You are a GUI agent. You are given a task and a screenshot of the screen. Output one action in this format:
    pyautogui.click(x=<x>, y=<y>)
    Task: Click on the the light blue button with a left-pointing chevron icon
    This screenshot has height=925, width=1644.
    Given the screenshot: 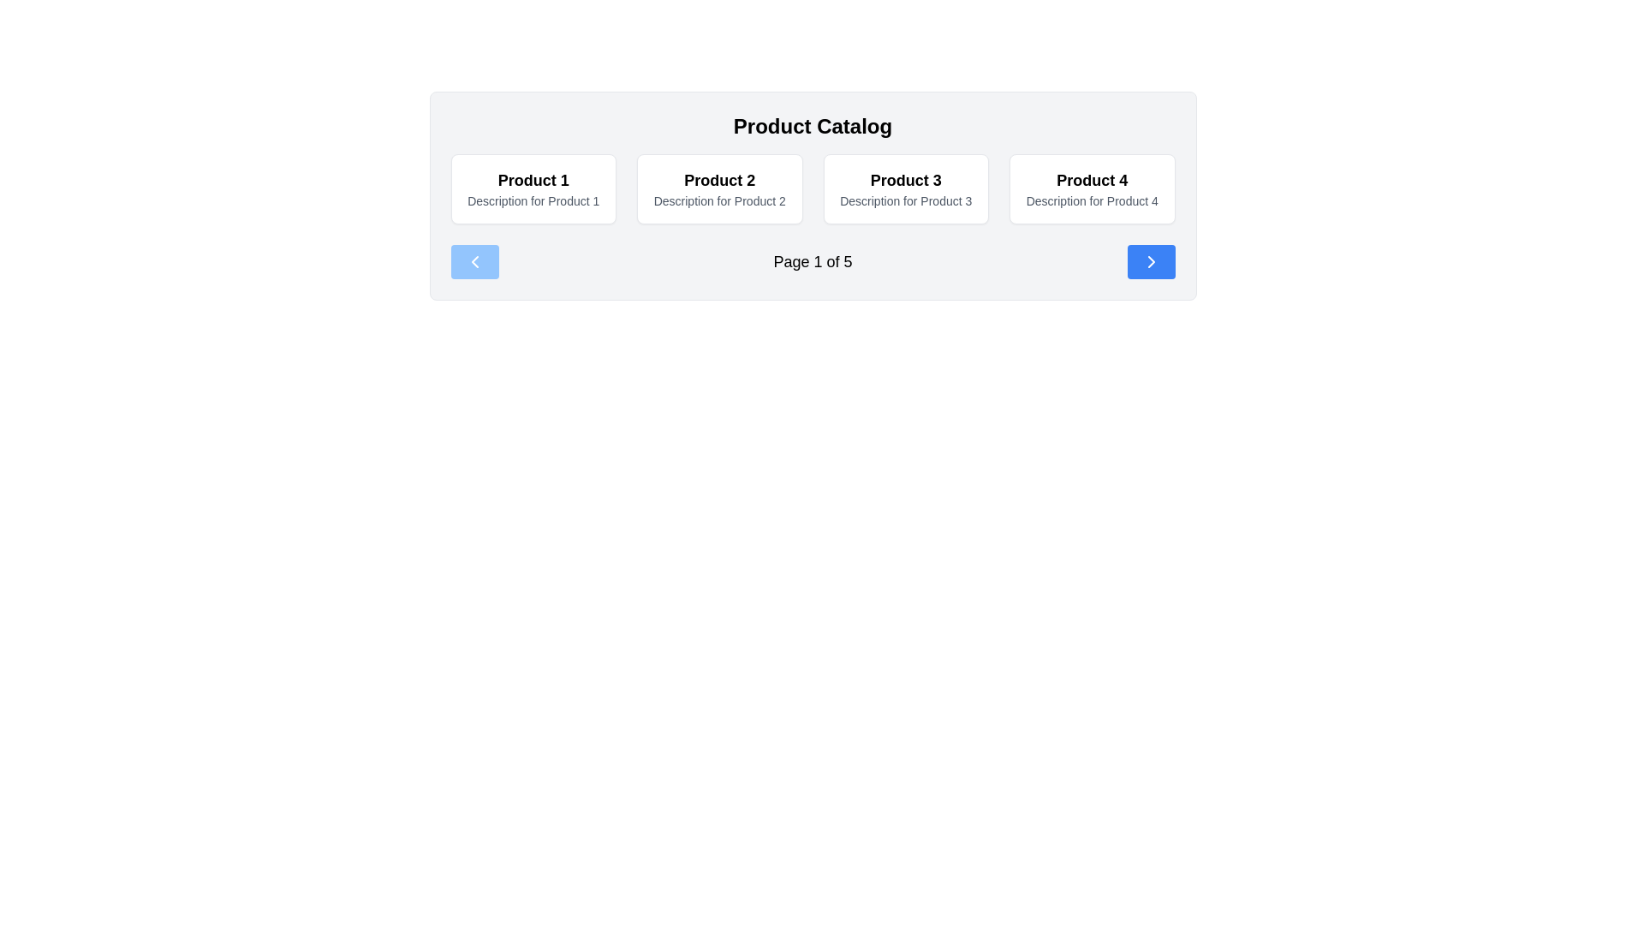 What is the action you would take?
    pyautogui.click(x=474, y=261)
    